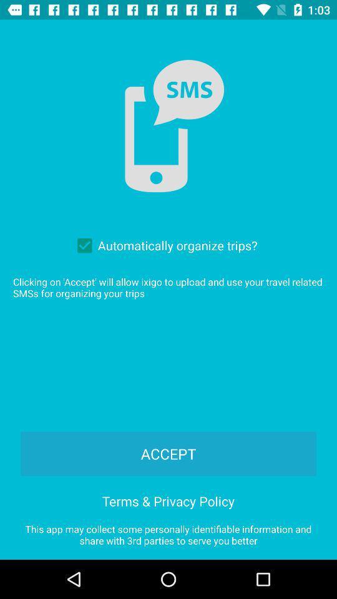 This screenshot has width=337, height=599. What do you see at coordinates (164, 245) in the screenshot?
I see `automatically organize trips? item` at bounding box center [164, 245].